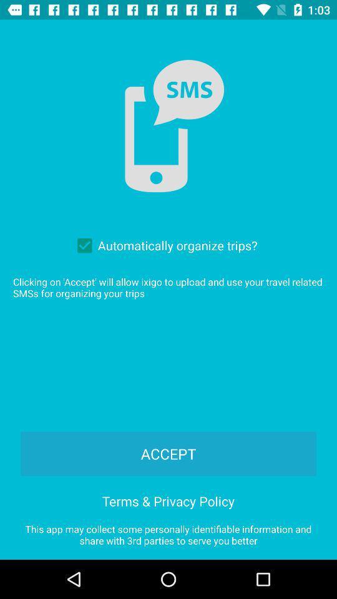 This screenshot has width=337, height=599. What do you see at coordinates (164, 245) in the screenshot?
I see `automatically organize trips? item` at bounding box center [164, 245].